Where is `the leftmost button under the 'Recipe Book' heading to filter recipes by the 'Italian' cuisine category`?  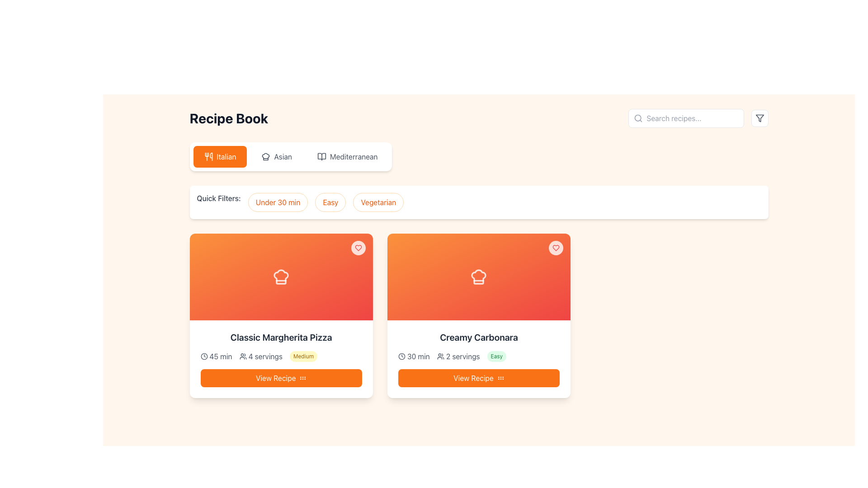 the leftmost button under the 'Recipe Book' heading to filter recipes by the 'Italian' cuisine category is located at coordinates (220, 156).